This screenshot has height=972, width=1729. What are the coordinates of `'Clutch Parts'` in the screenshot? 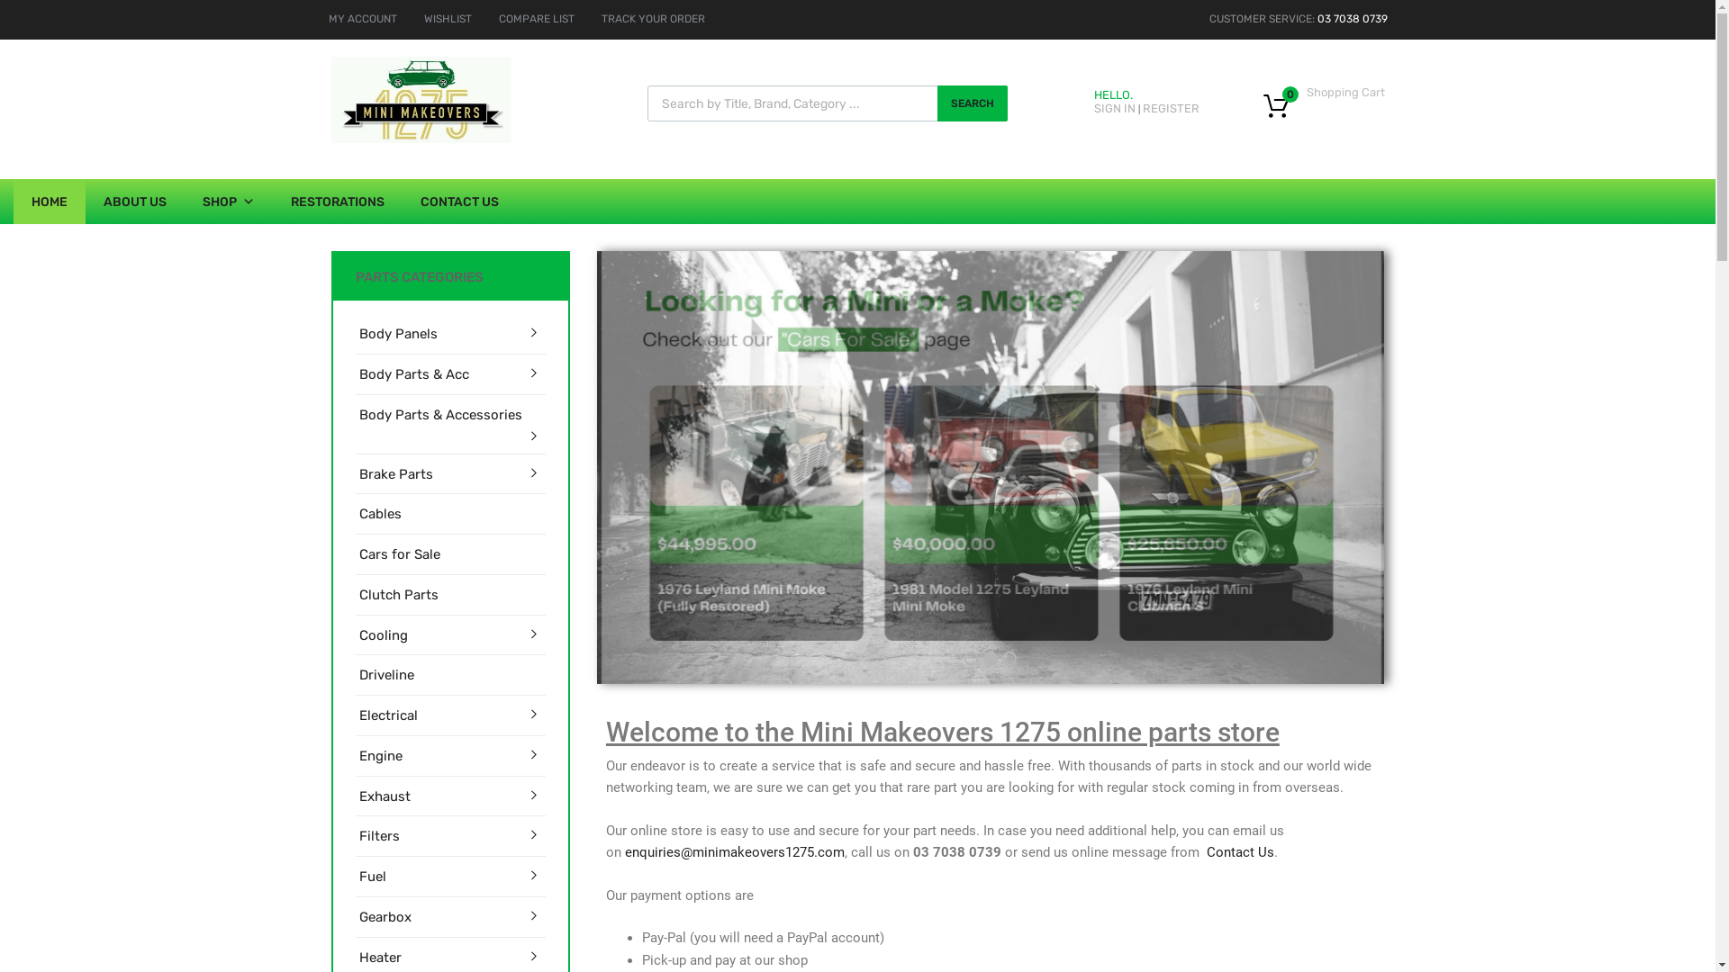 It's located at (396, 595).